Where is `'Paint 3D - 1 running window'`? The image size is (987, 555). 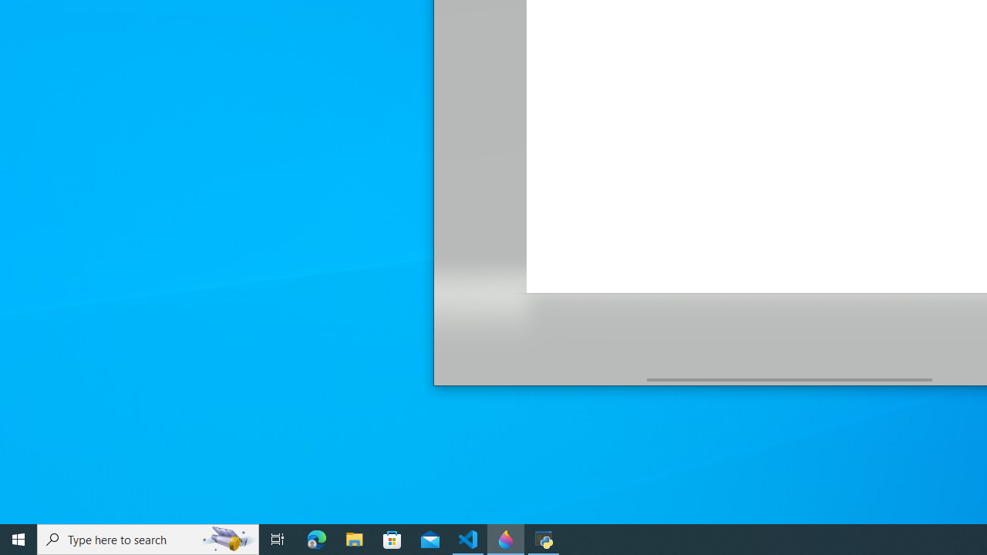
'Paint 3D - 1 running window' is located at coordinates (506, 538).